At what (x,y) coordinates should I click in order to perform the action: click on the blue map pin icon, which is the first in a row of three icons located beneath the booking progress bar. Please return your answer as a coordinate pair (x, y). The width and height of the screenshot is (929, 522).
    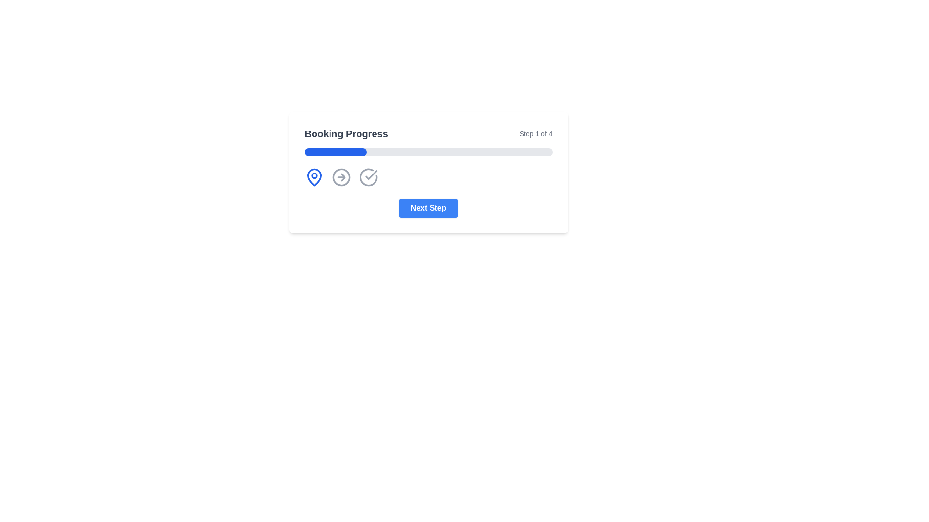
    Looking at the image, I should click on (314, 177).